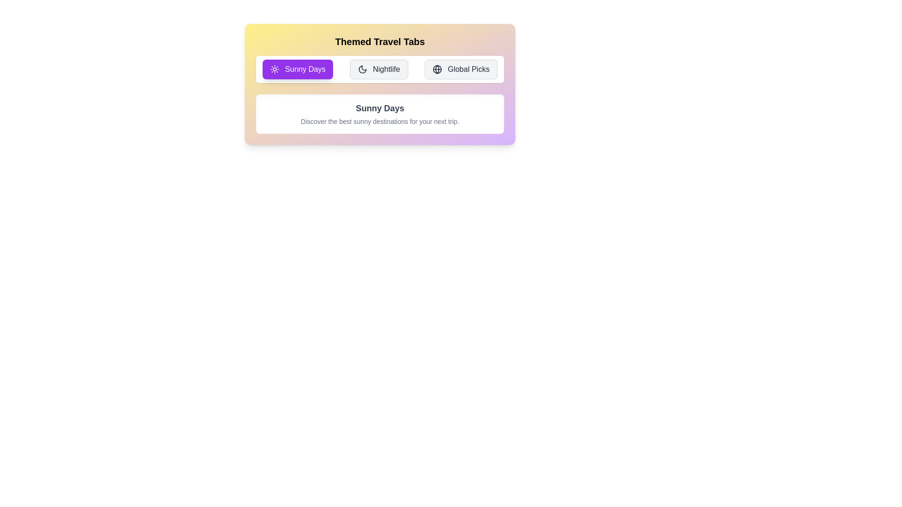  Describe the element at coordinates (379, 69) in the screenshot. I see `the Nightlife tab` at that location.